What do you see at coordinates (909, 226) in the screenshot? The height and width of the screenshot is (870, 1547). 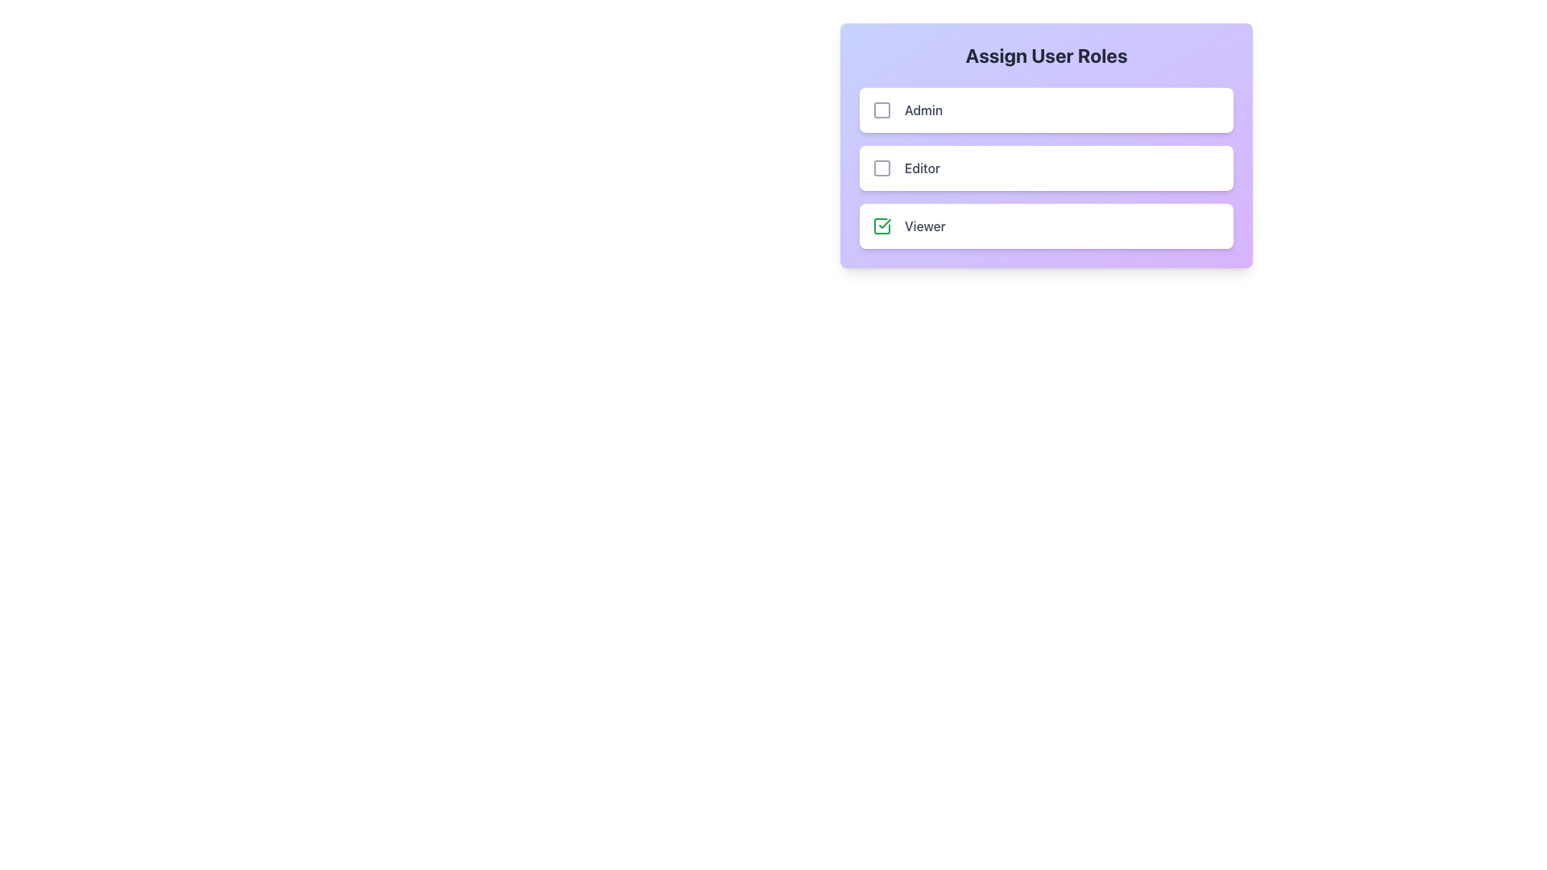 I see `the checkbox labeled 'Viewer' in the 'Assign User Roles' card` at bounding box center [909, 226].